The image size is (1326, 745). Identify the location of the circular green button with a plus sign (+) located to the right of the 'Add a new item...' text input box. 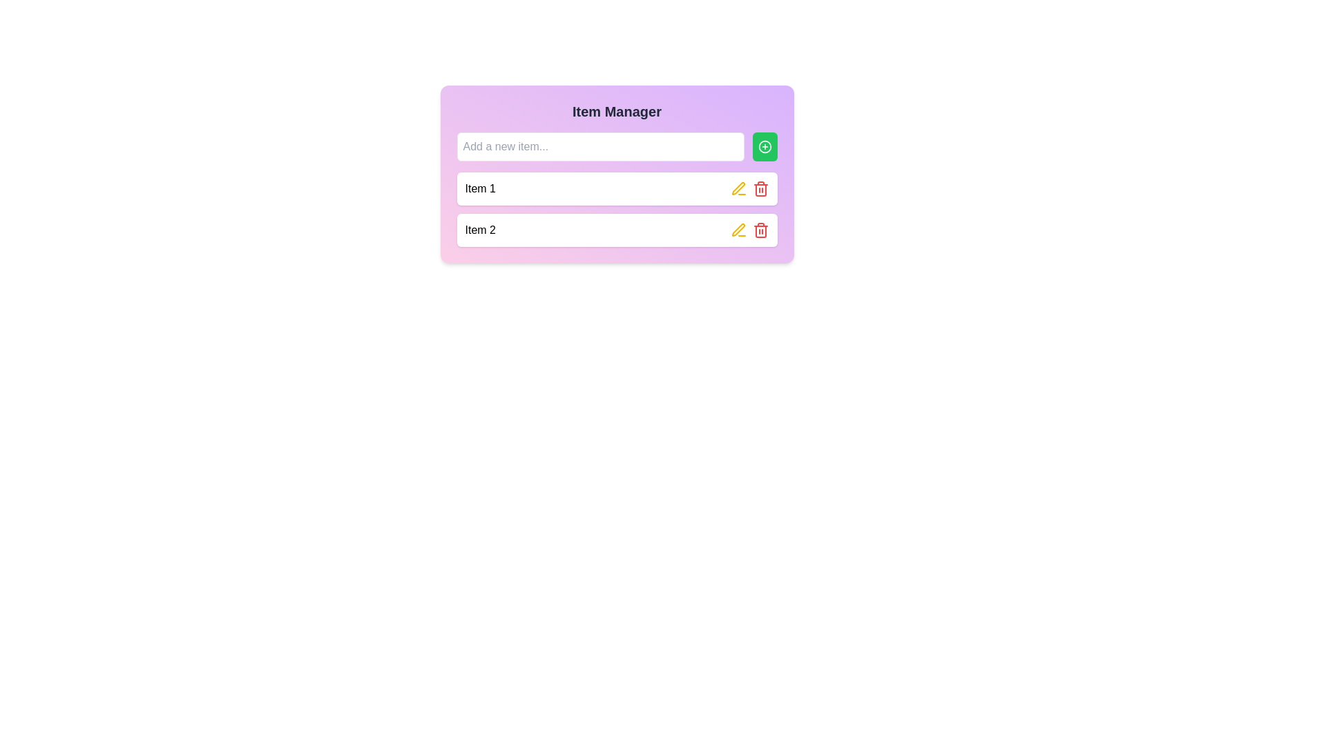
(764, 146).